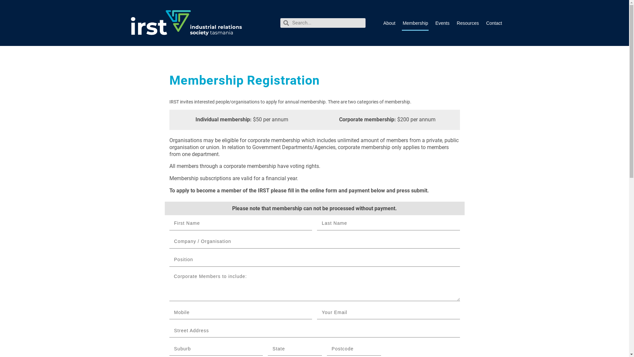  What do you see at coordinates (467, 22) in the screenshot?
I see `'Resources'` at bounding box center [467, 22].